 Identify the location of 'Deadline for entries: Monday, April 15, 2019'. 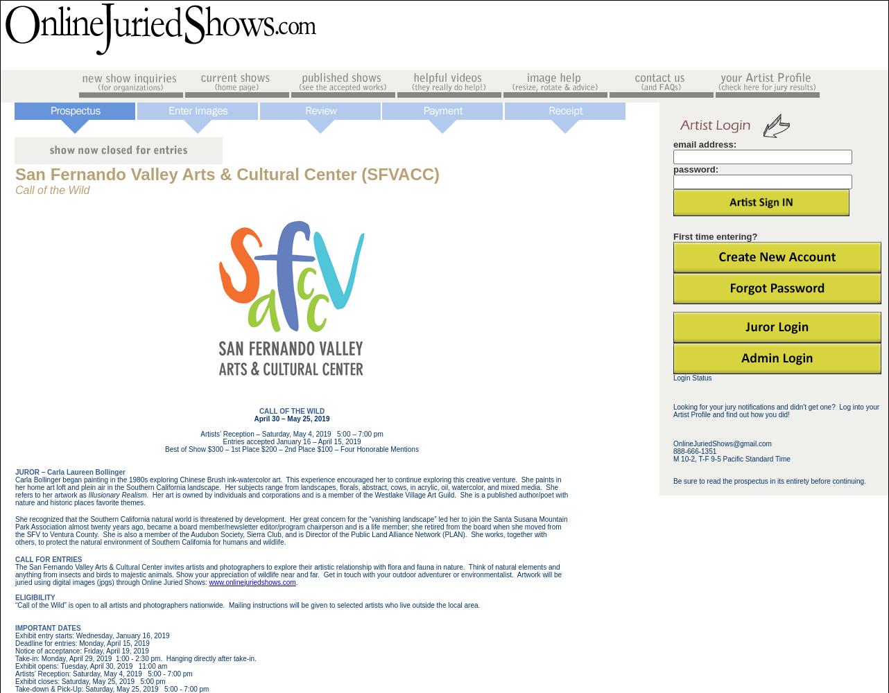
(81, 642).